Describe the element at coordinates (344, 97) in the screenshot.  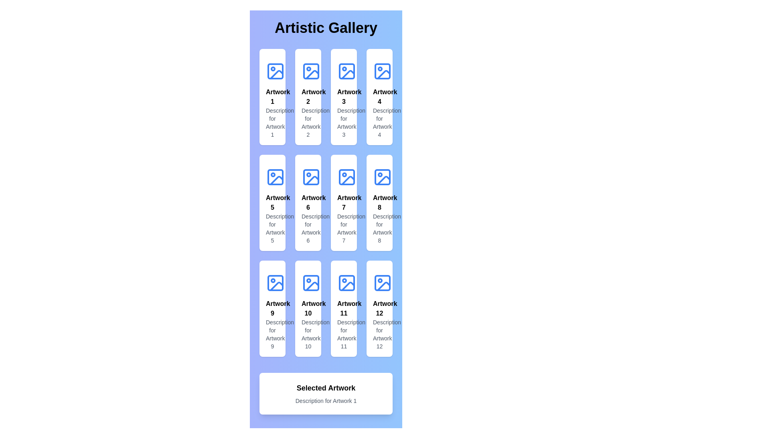
I see `text on the Display card featuring 'Artwork 3' and its description, which is the third card in the grid layout` at that location.